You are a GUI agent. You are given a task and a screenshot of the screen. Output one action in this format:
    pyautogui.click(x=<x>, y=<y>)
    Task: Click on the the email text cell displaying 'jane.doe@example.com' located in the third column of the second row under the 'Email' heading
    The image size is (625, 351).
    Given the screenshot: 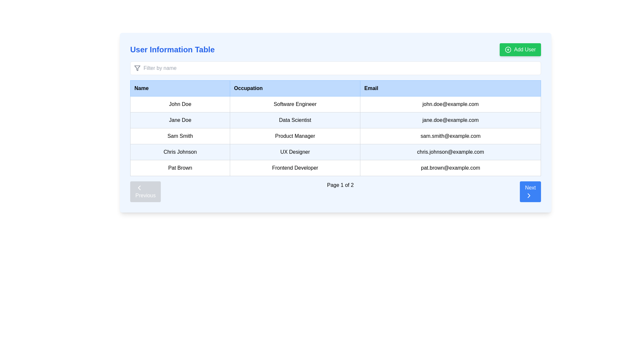 What is the action you would take?
    pyautogui.click(x=450, y=120)
    